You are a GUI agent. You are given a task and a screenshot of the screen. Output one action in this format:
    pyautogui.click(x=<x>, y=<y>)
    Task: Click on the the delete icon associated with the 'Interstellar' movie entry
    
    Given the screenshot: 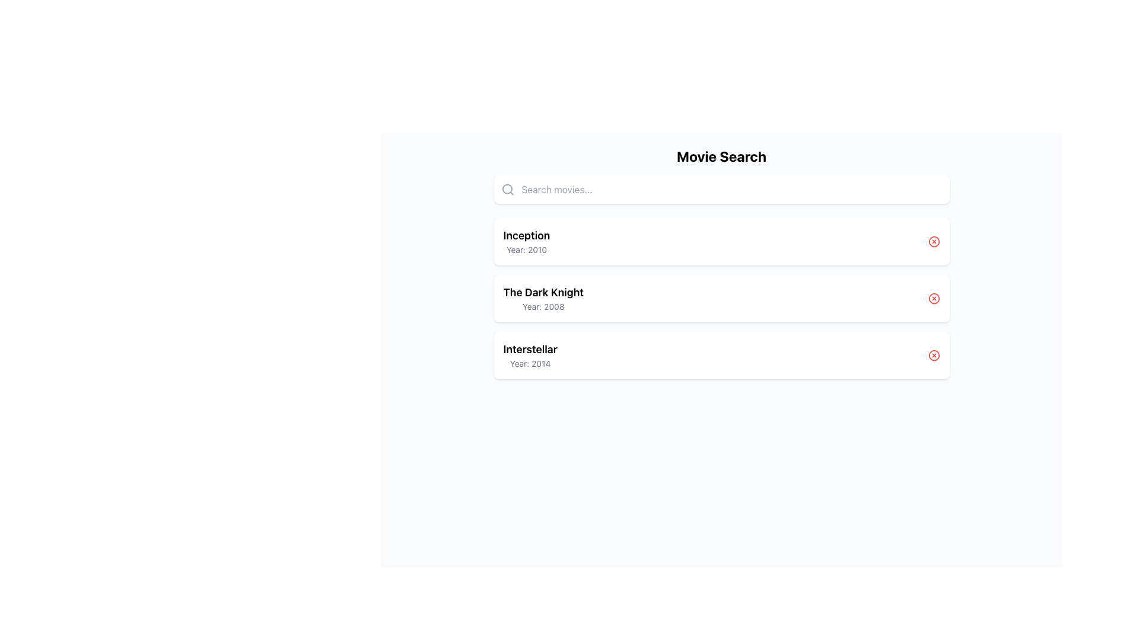 What is the action you would take?
    pyautogui.click(x=933, y=355)
    